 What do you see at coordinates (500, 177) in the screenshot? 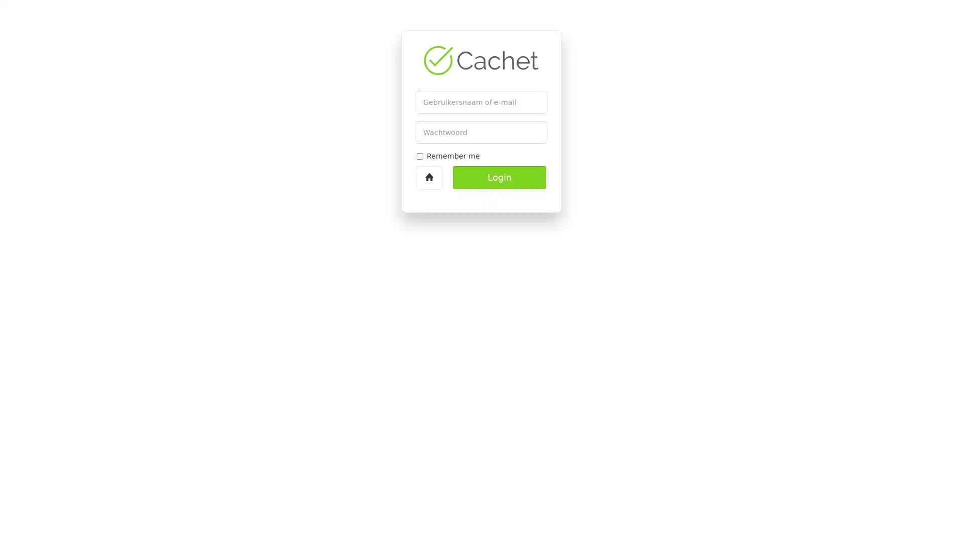
I see `Login` at bounding box center [500, 177].